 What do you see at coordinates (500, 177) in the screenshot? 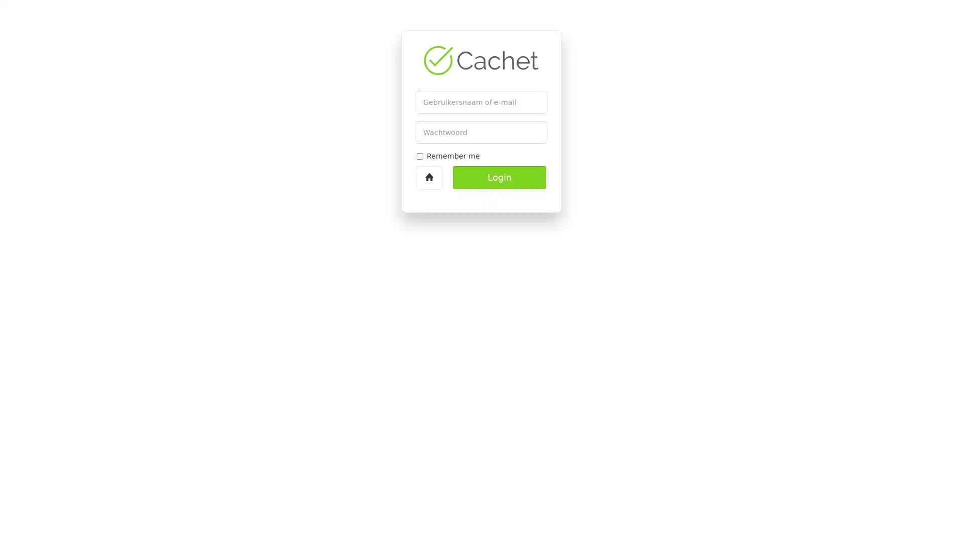
I see `Login` at bounding box center [500, 177].